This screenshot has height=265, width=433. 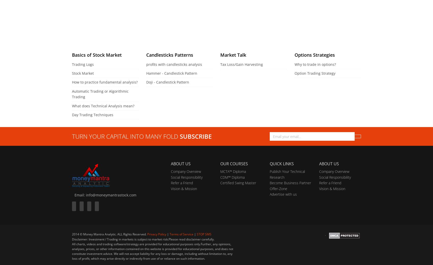 I want to click on 'STOP SMS', so click(x=196, y=234).